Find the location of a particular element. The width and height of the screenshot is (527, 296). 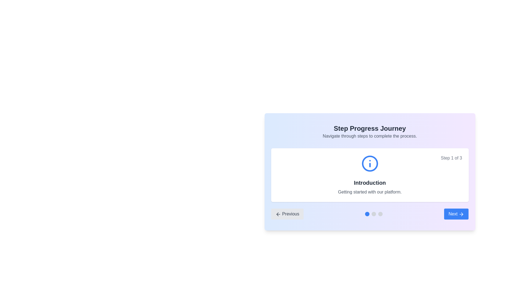

the blue circular information icon located below the title 'Step Progress Journey' and to the left of 'Step 1 of 3' for informative purposes is located at coordinates (370, 163).